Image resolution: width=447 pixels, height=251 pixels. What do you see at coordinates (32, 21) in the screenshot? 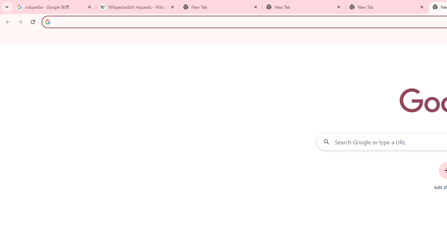
I see `'Reload'` at bounding box center [32, 21].